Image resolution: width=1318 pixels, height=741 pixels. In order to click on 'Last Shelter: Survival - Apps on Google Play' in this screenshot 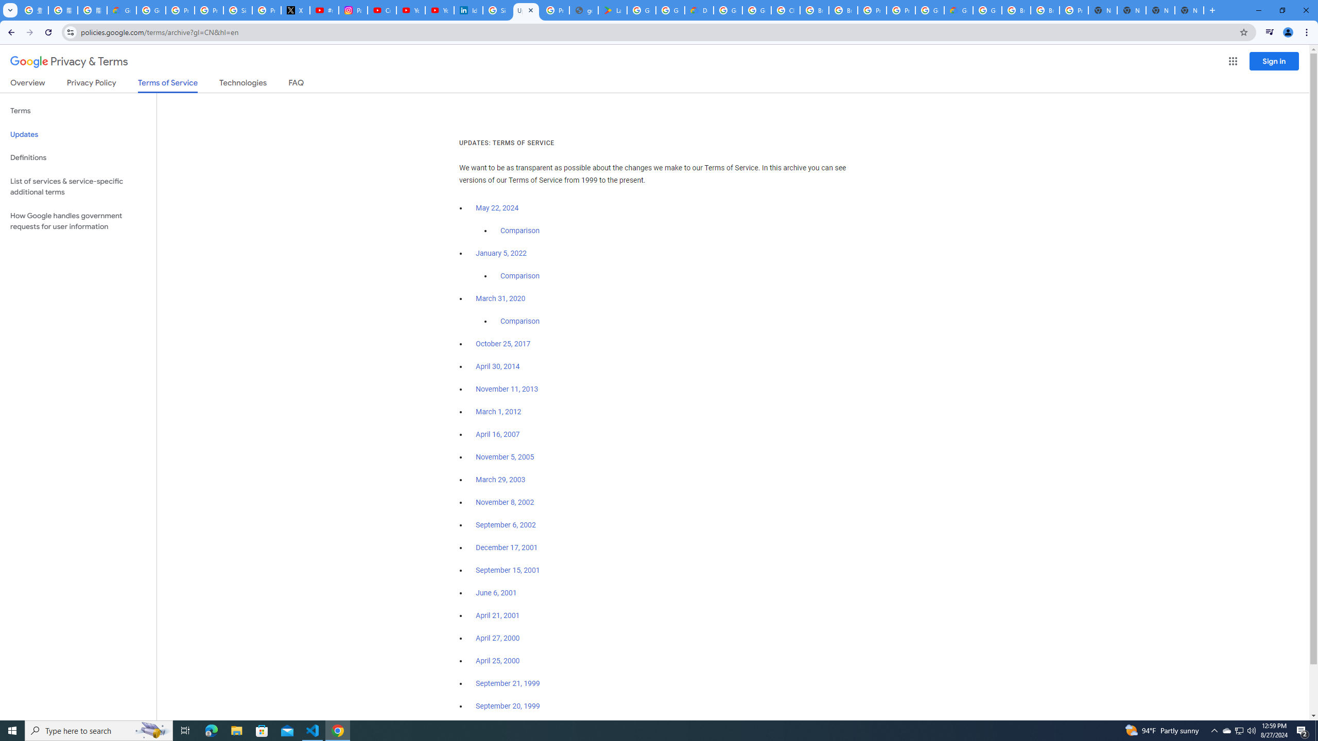, I will do `click(612, 10)`.